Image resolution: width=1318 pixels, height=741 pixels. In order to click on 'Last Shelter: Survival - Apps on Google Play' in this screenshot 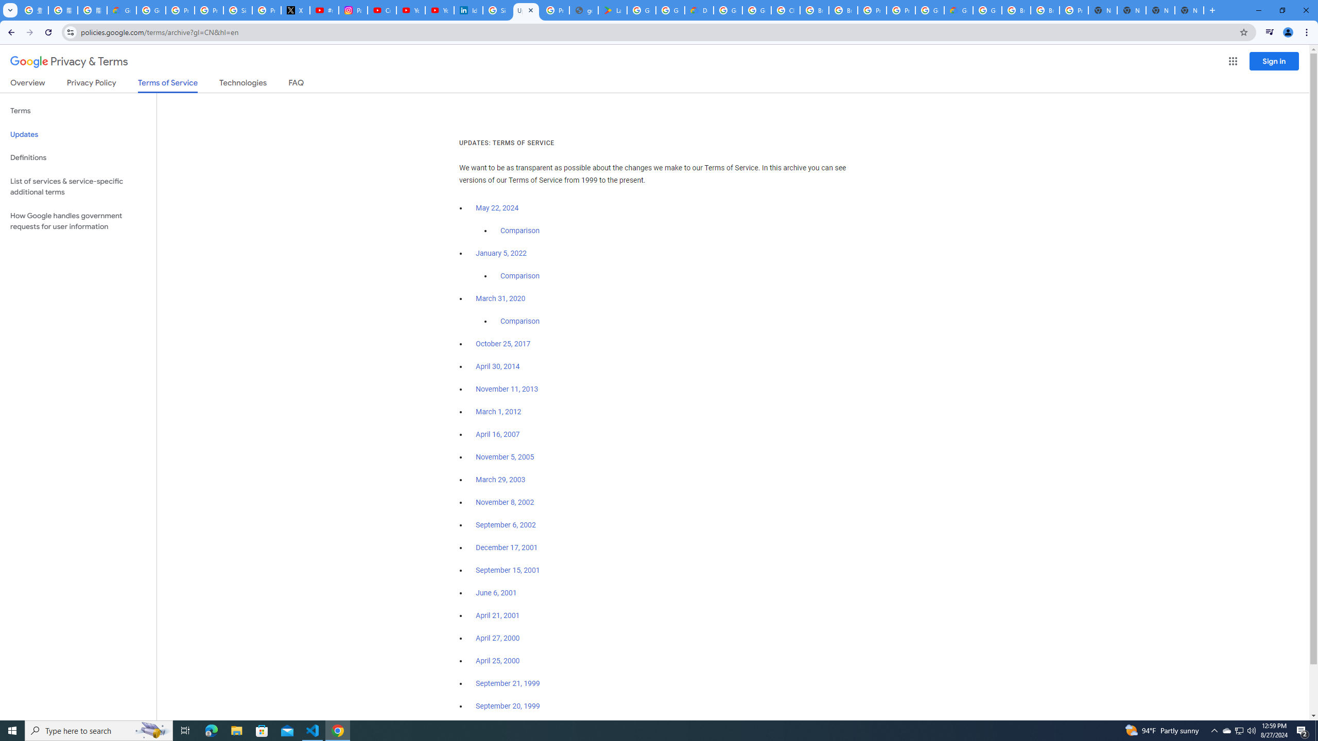, I will do `click(612, 10)`.